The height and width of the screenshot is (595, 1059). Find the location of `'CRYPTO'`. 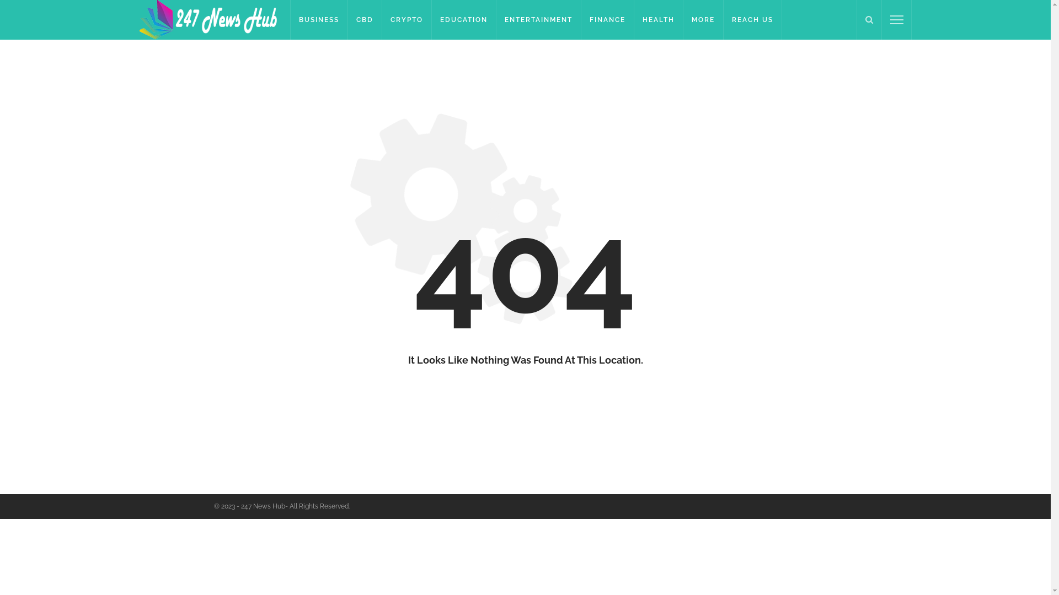

'CRYPTO' is located at coordinates (382, 19).